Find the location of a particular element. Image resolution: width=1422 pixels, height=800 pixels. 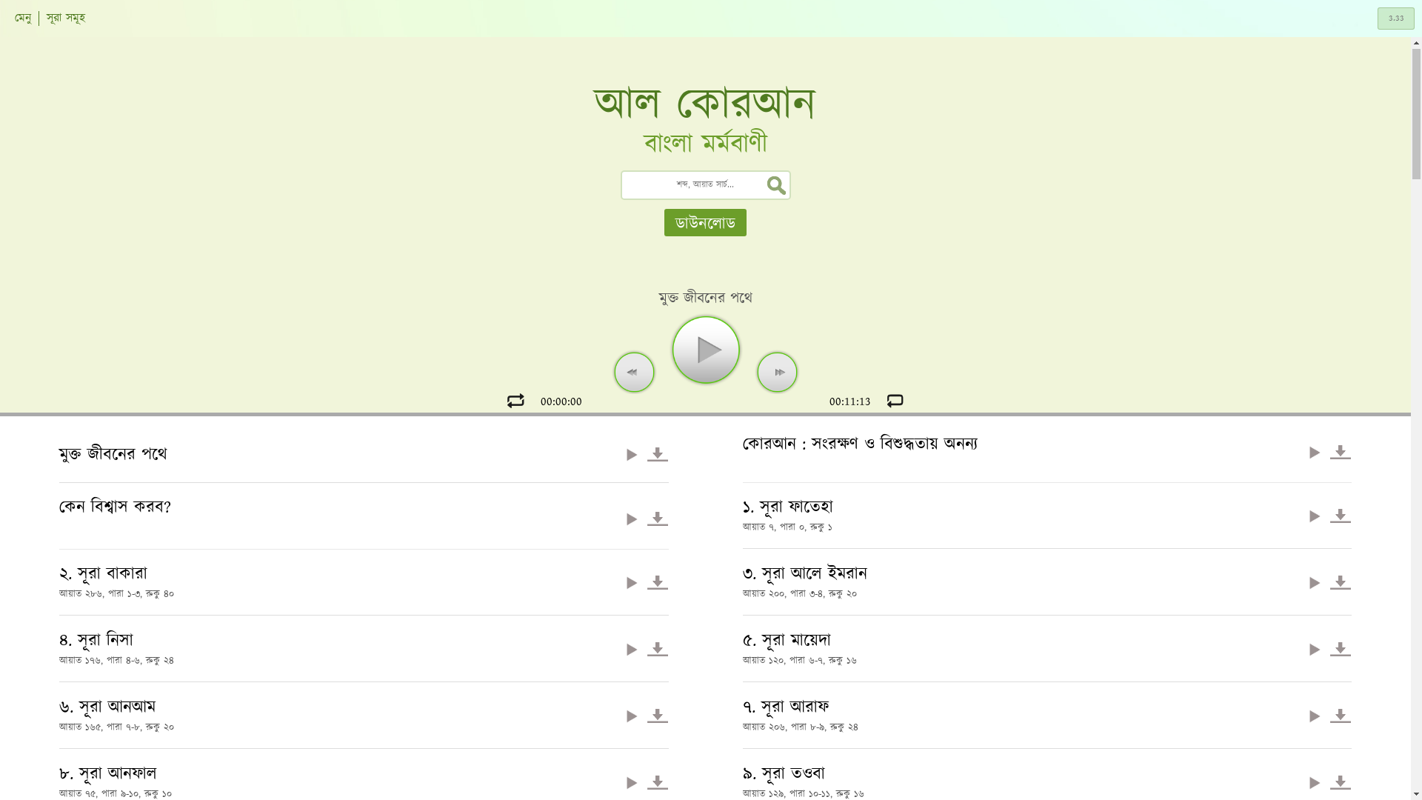

'previous surah' is located at coordinates (632, 370).